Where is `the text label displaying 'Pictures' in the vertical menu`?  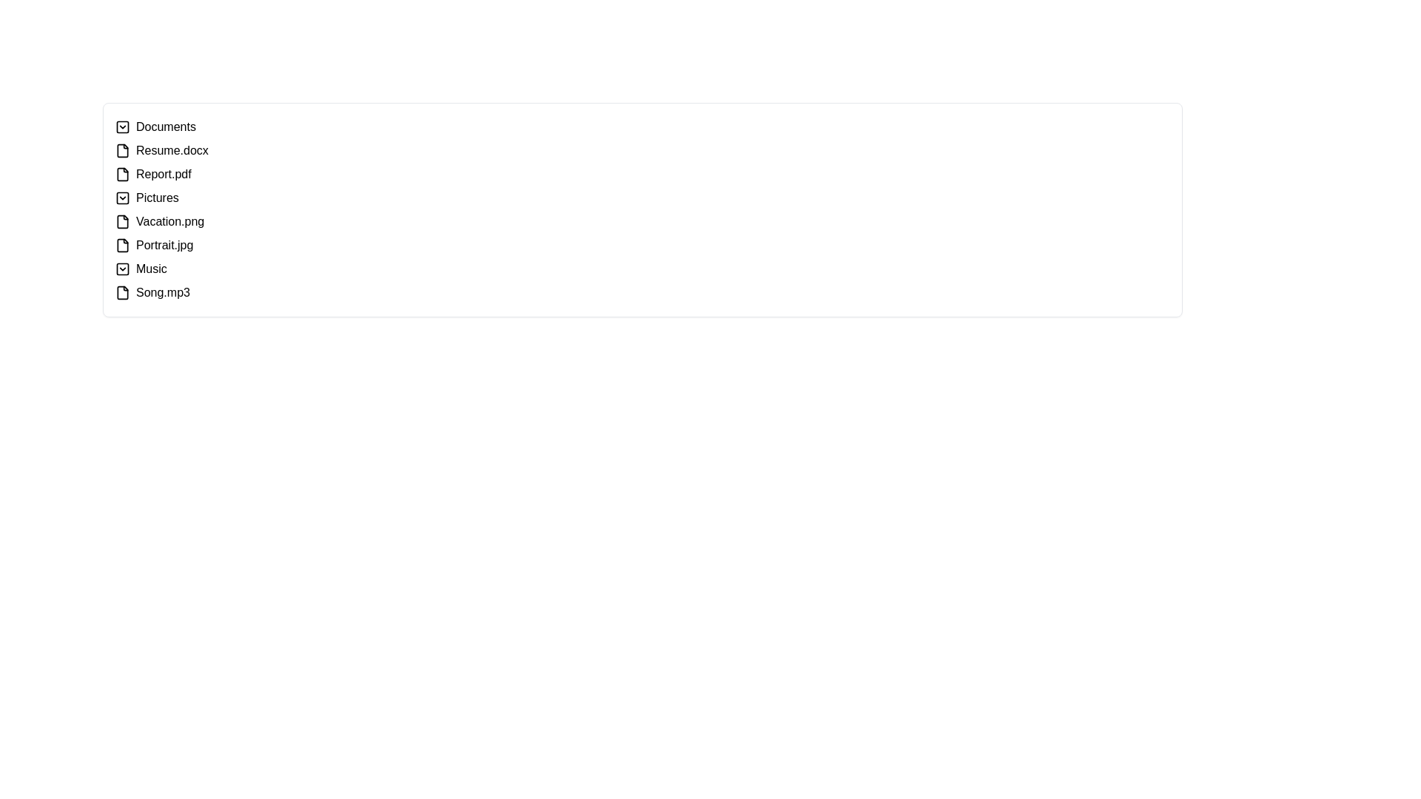
the text label displaying 'Pictures' in the vertical menu is located at coordinates (157, 197).